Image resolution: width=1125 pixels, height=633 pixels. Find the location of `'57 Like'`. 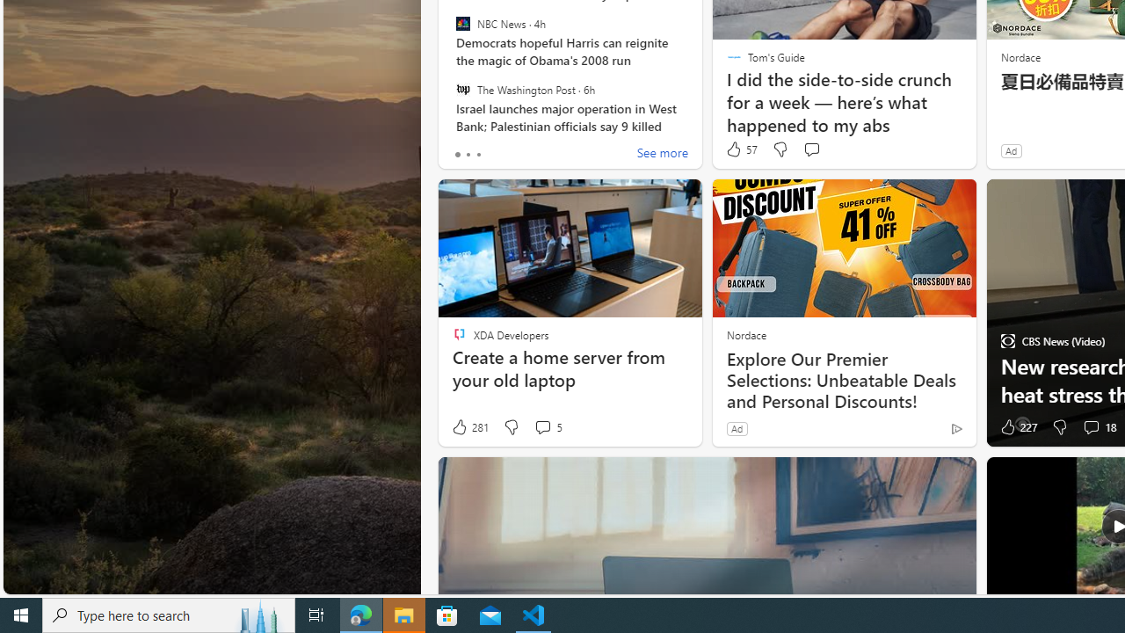

'57 Like' is located at coordinates (741, 149).